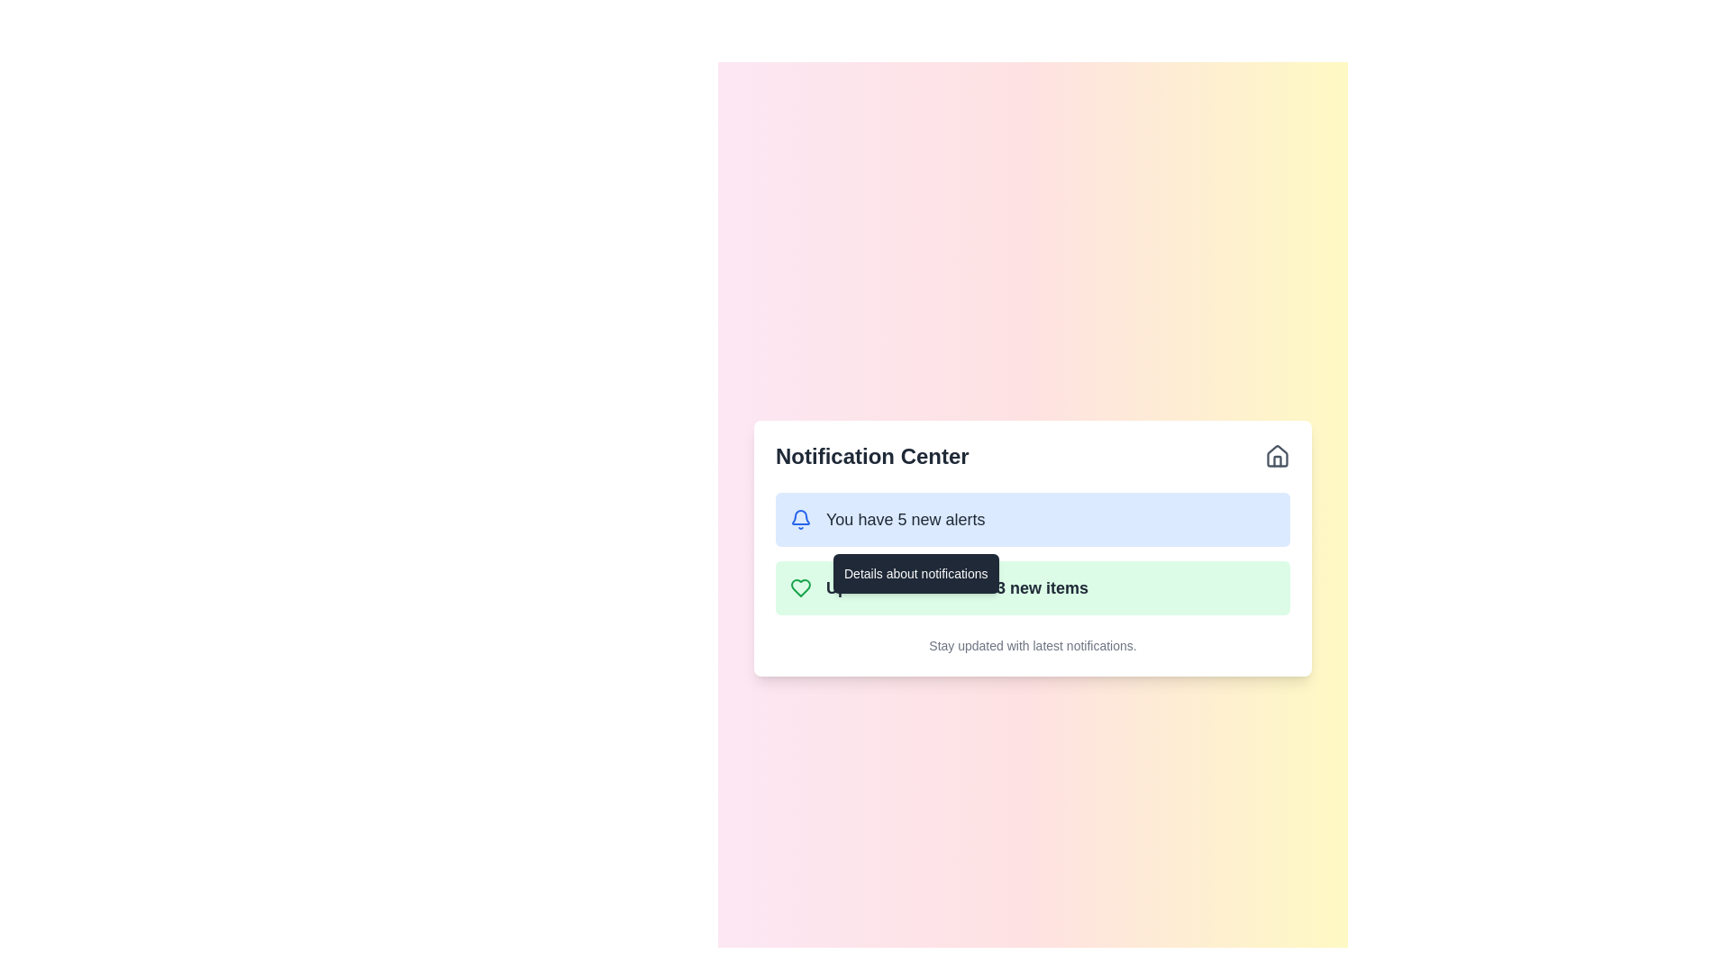  What do you see at coordinates (799, 587) in the screenshot?
I see `the wish list icon located in the green-shaded box next to the text 'Updated wishlist with 3 new items'` at bounding box center [799, 587].